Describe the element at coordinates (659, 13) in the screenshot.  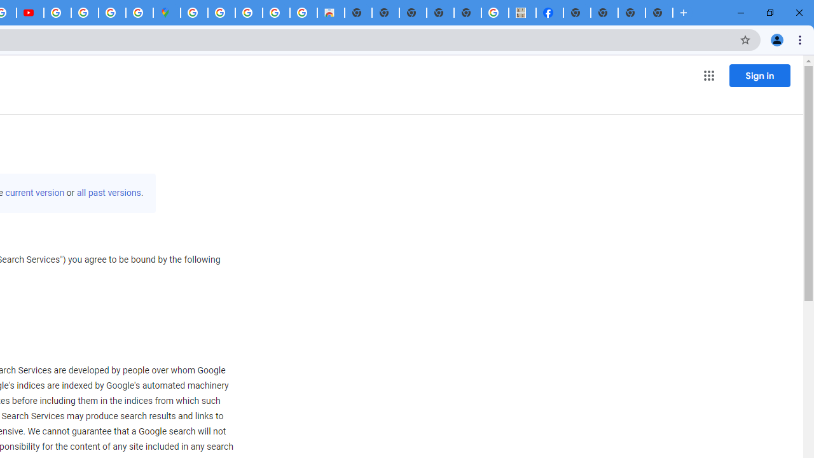
I see `'New Tab'` at that location.